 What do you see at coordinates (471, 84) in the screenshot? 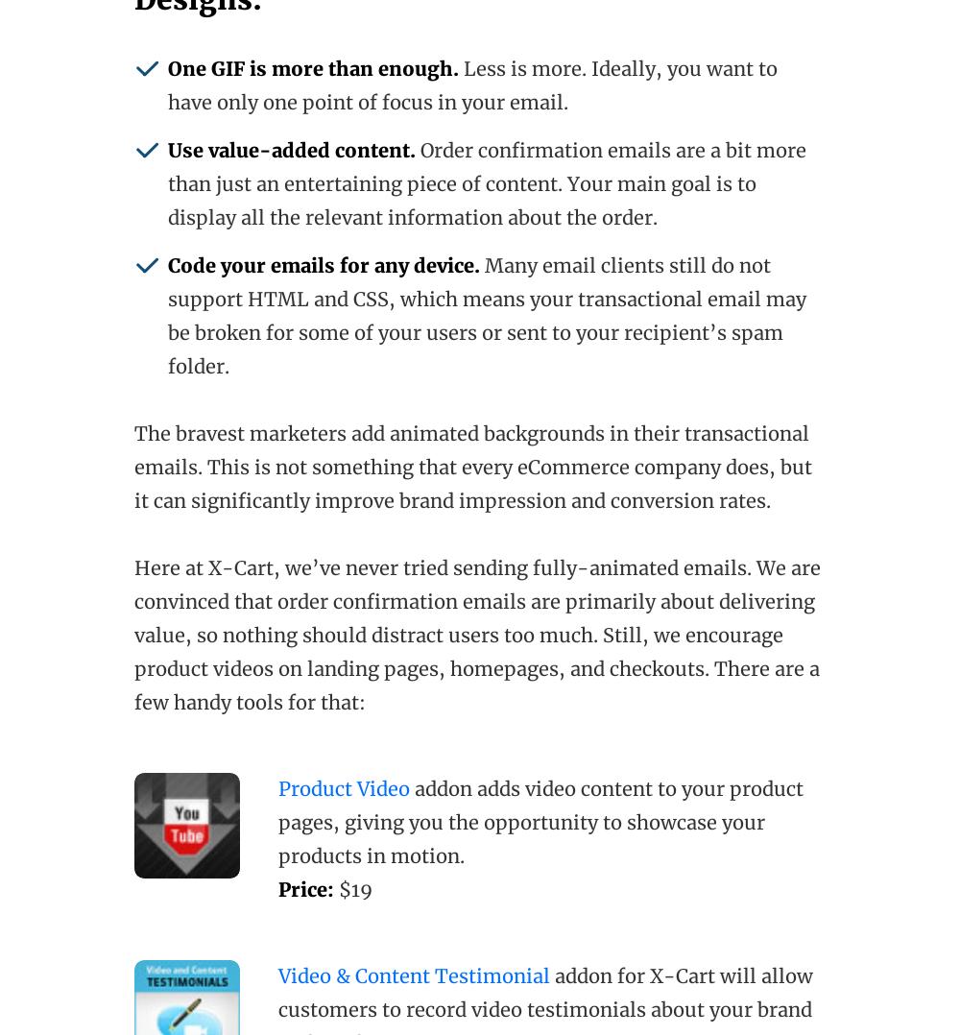
I see `'Less is more. Ideally, you want to have only one point of focus in your email.'` at bounding box center [471, 84].